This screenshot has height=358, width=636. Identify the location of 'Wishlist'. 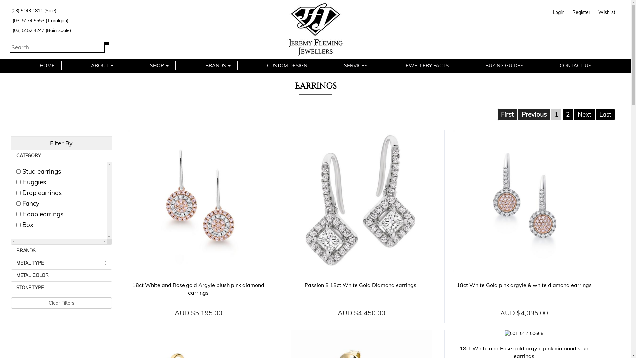
(606, 12).